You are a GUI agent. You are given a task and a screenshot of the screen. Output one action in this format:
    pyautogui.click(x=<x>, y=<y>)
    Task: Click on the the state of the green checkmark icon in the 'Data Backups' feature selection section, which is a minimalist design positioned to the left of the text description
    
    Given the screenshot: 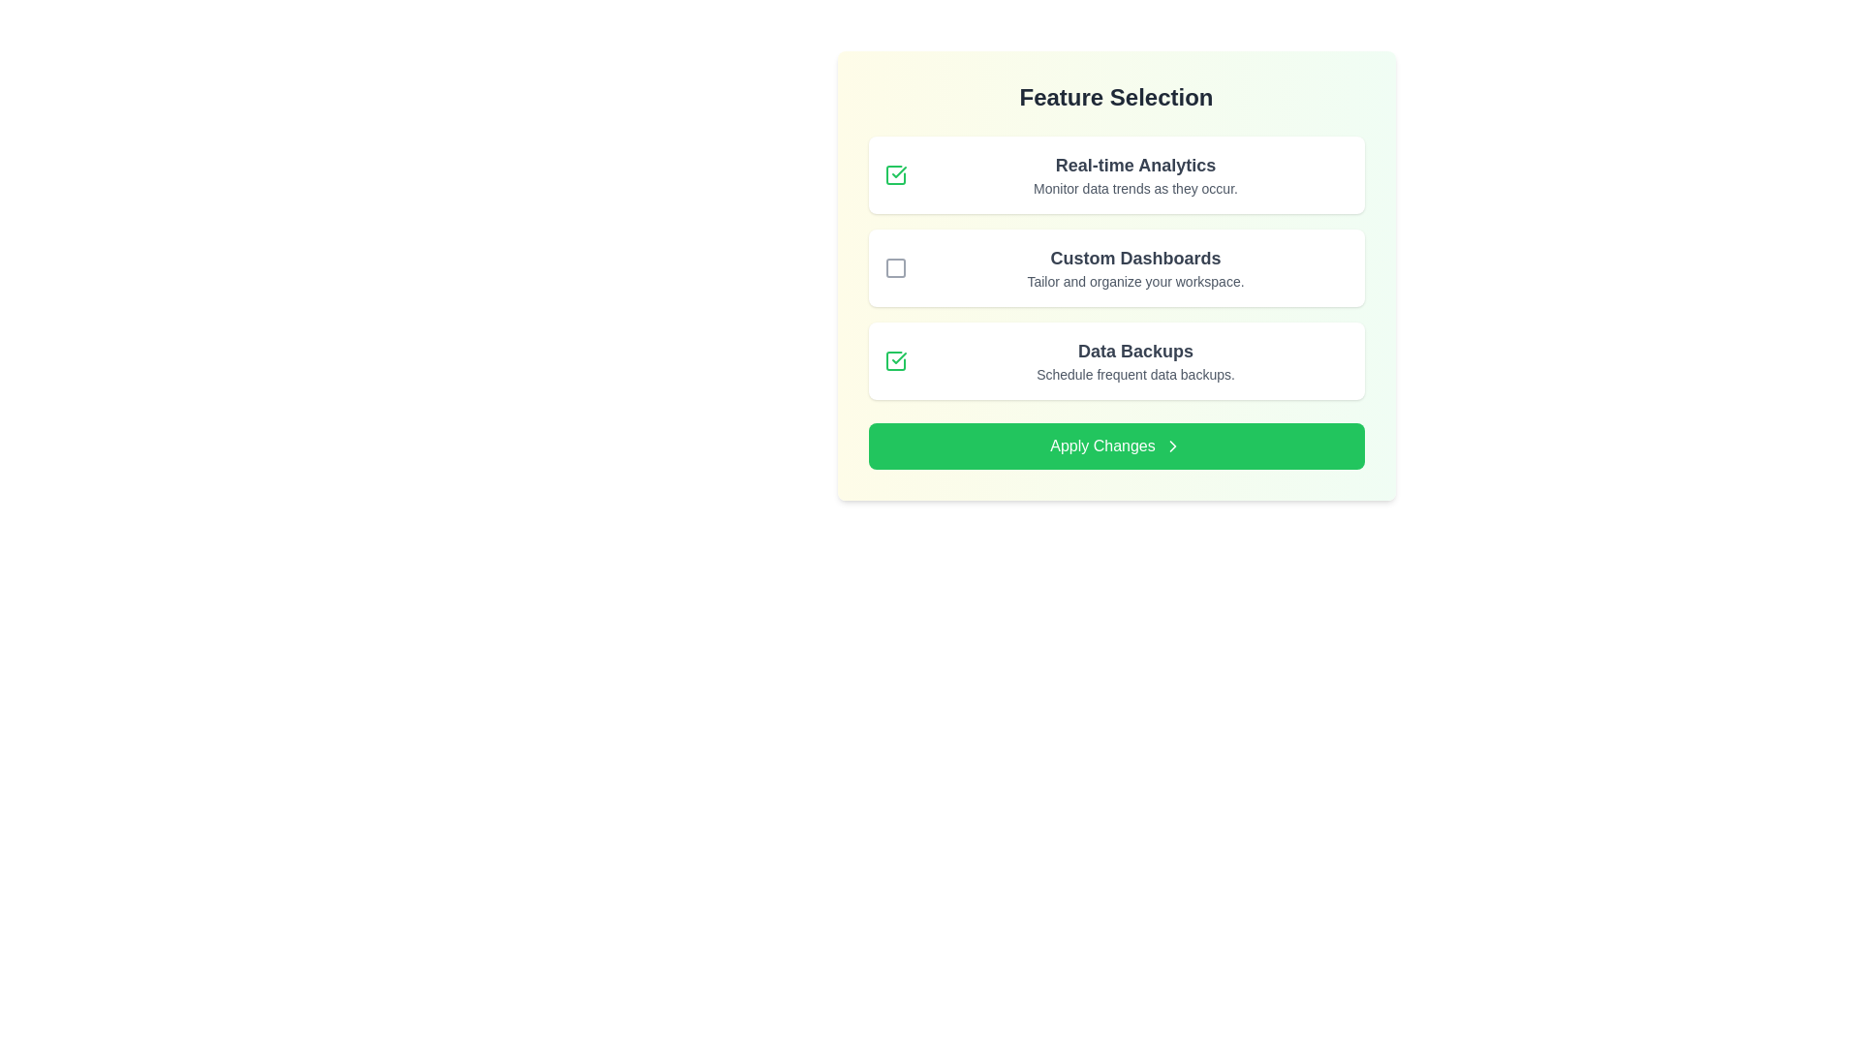 What is the action you would take?
    pyautogui.click(x=897, y=170)
    